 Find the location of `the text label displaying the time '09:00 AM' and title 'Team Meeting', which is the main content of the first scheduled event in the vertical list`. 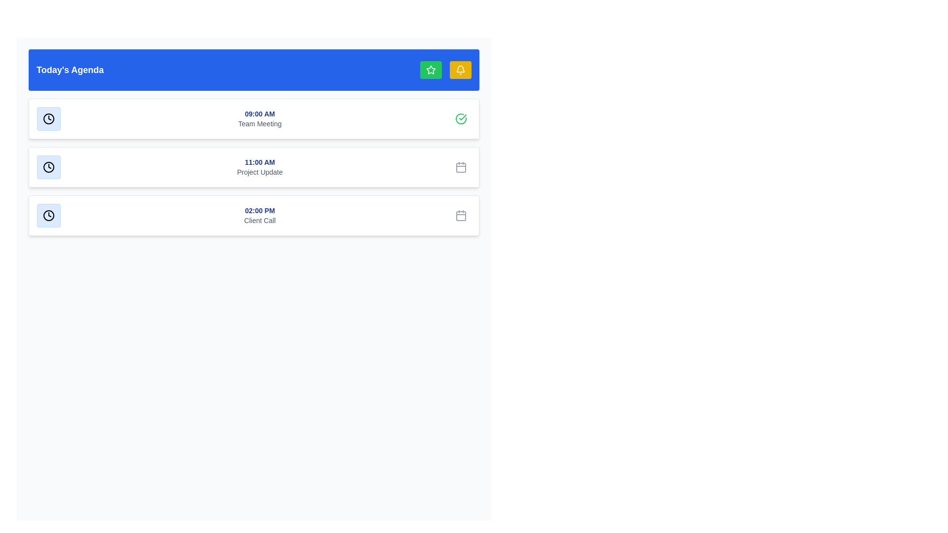

the text label displaying the time '09:00 AM' and title 'Team Meeting', which is the main content of the first scheduled event in the vertical list is located at coordinates (260, 118).